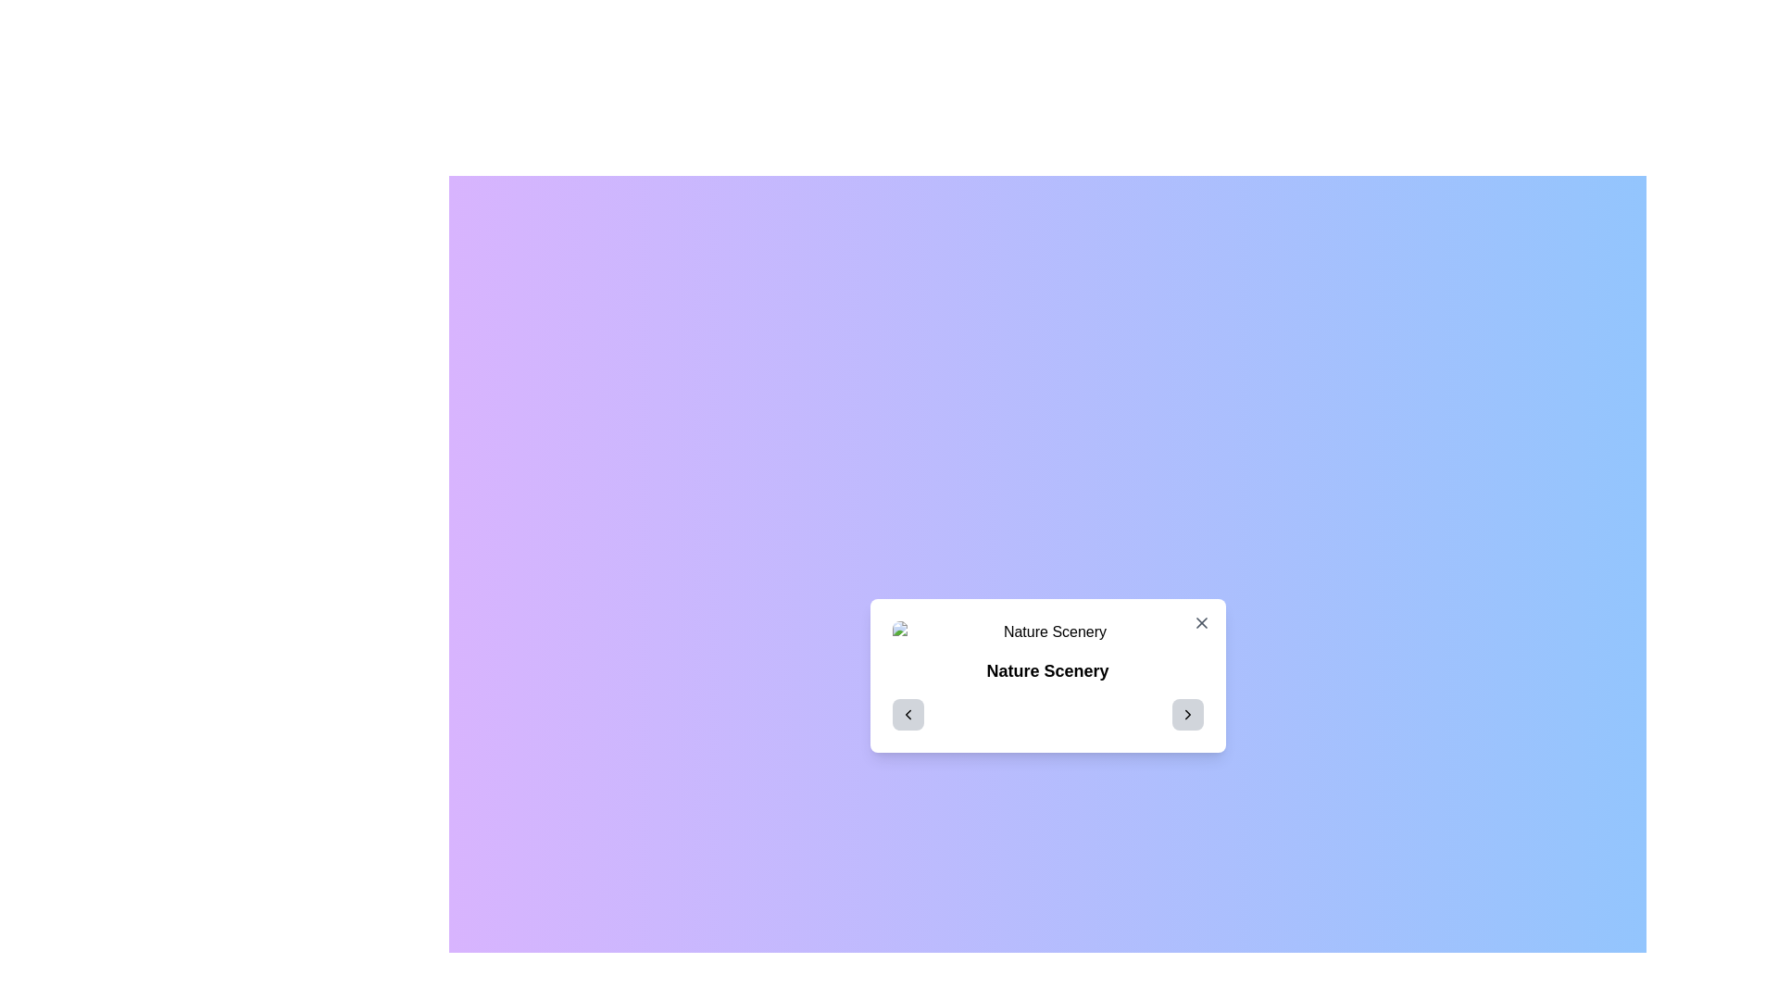  Describe the element at coordinates (1047, 671) in the screenshot. I see `the text label displaying 'Nature Scenery'` at that location.